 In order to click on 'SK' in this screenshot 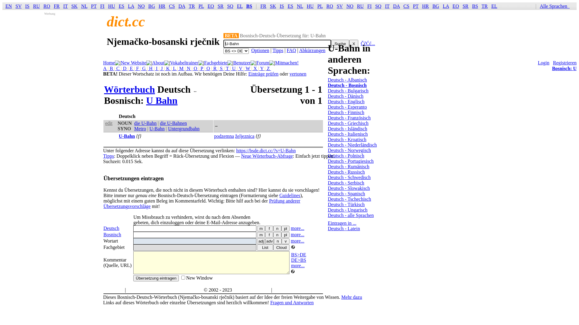, I will do `click(74, 6)`.